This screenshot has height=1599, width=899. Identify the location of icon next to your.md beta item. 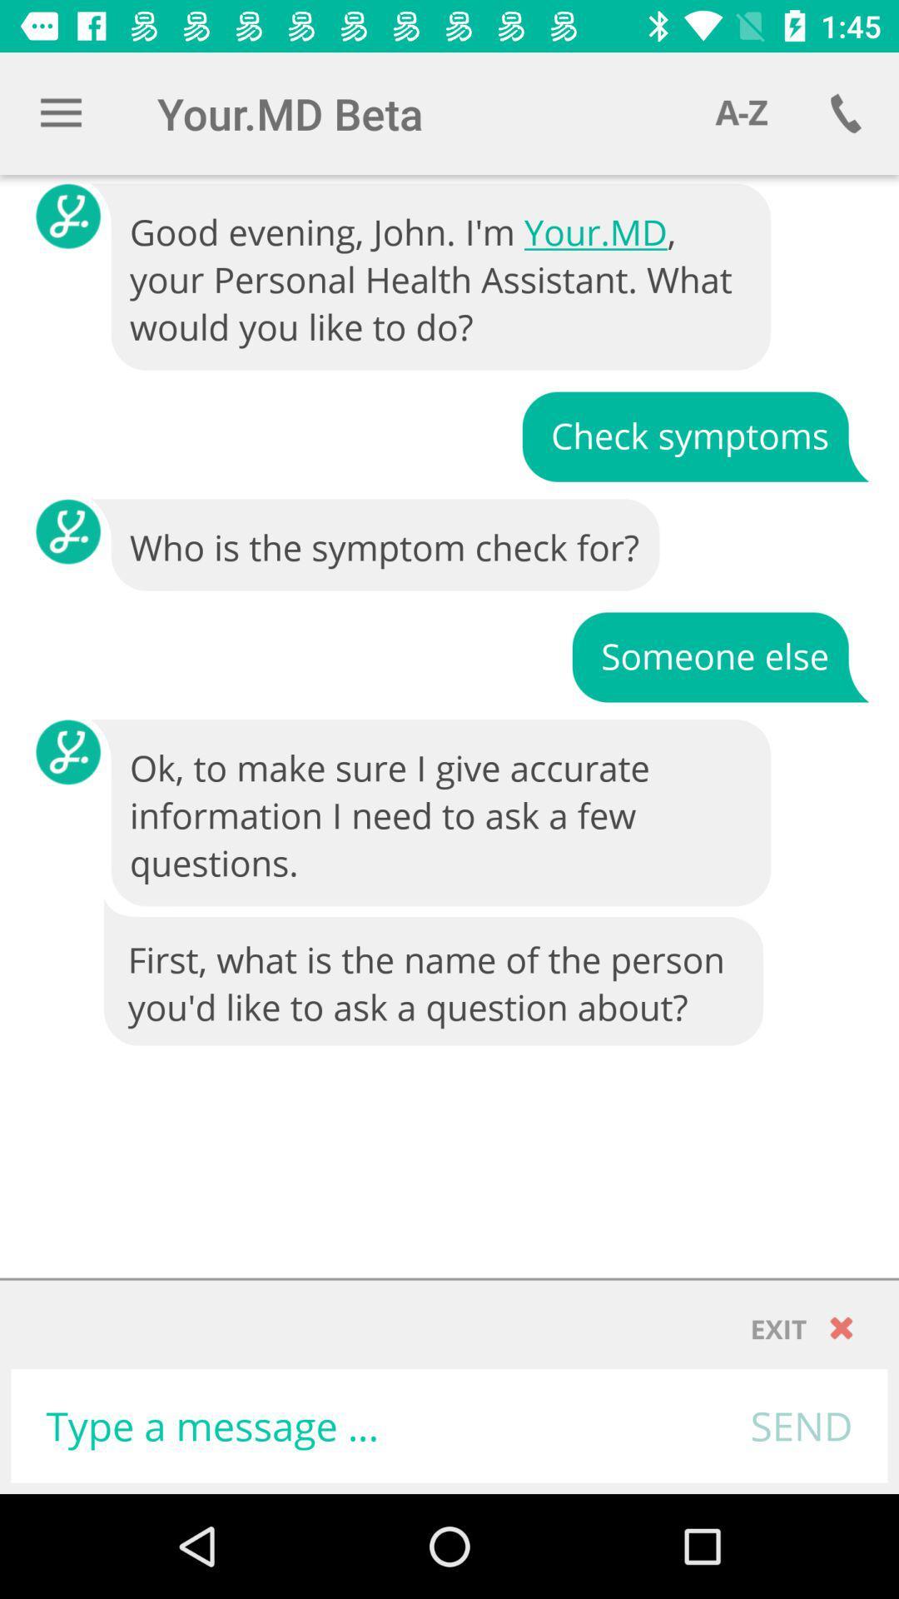
(741, 112).